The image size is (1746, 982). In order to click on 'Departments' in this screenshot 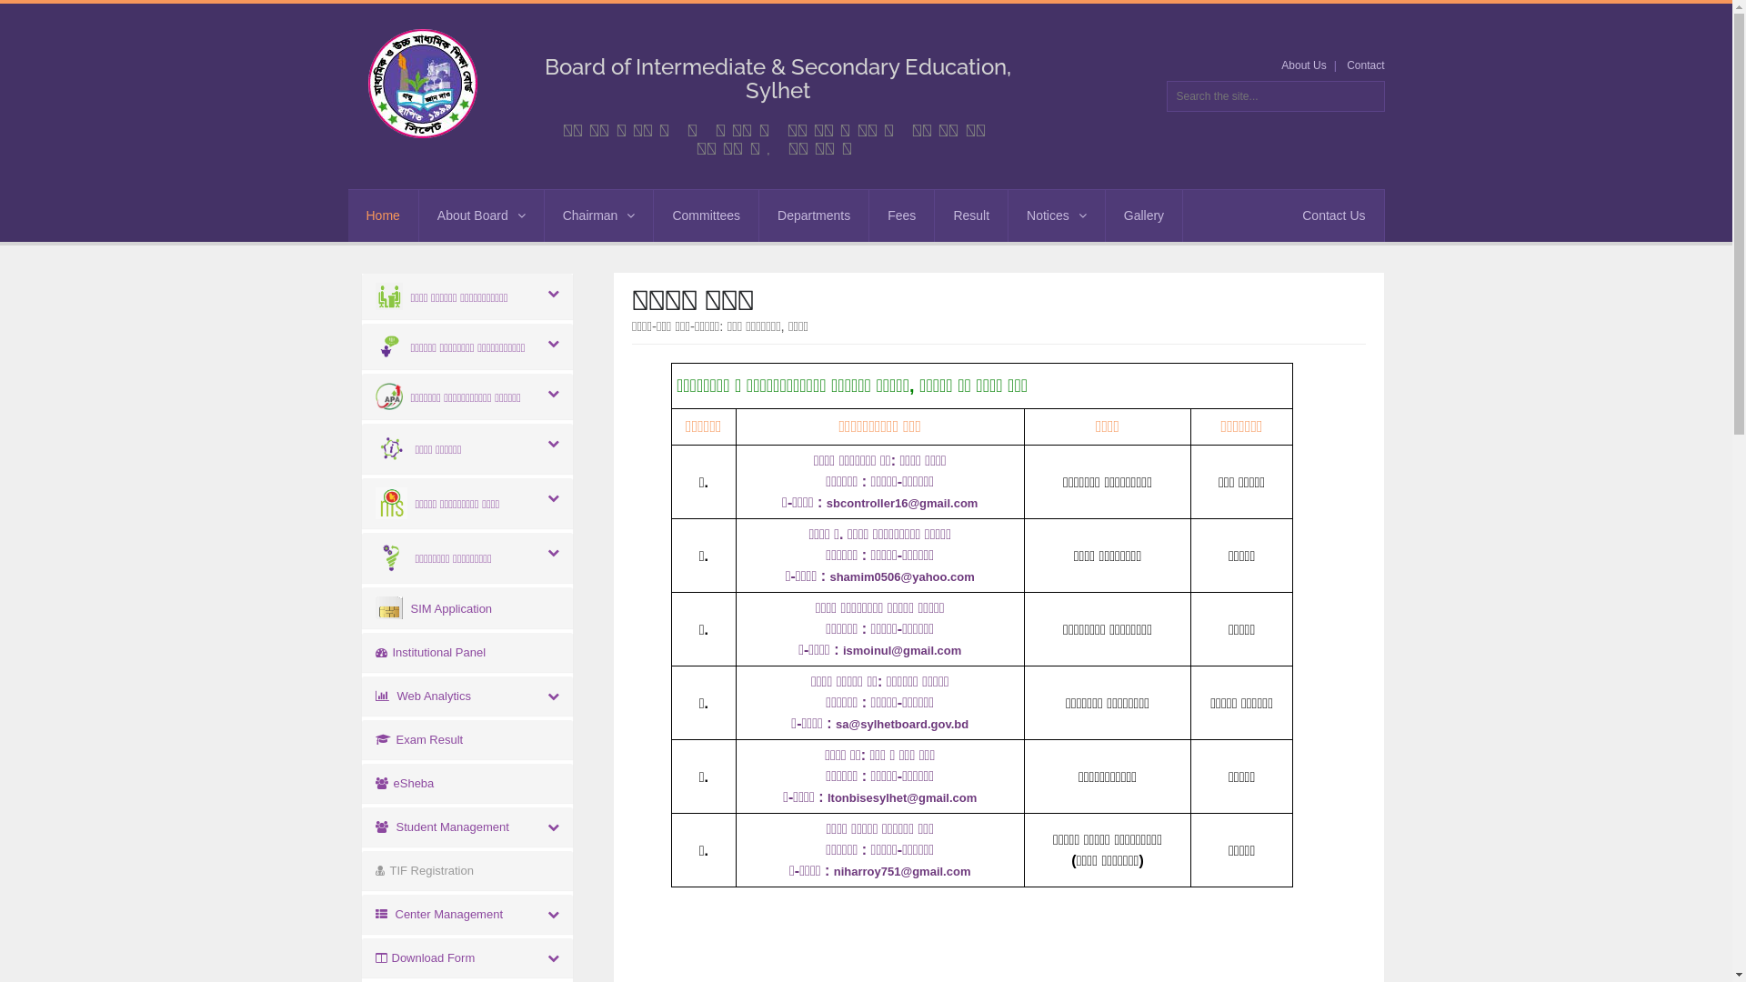, I will do `click(812, 215)`.